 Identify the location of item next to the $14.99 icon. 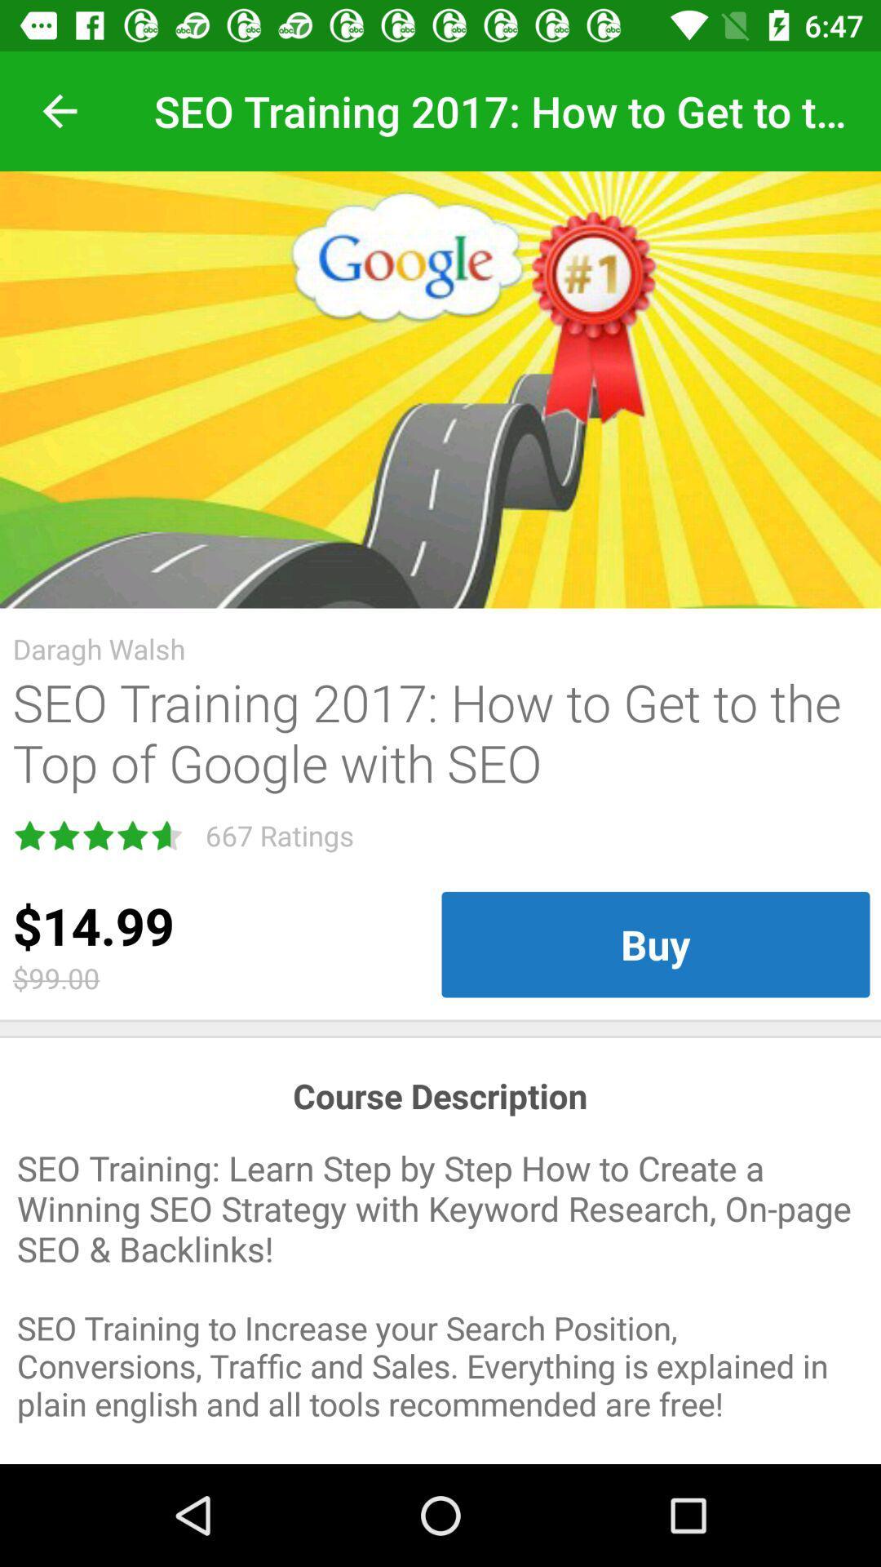
(654, 944).